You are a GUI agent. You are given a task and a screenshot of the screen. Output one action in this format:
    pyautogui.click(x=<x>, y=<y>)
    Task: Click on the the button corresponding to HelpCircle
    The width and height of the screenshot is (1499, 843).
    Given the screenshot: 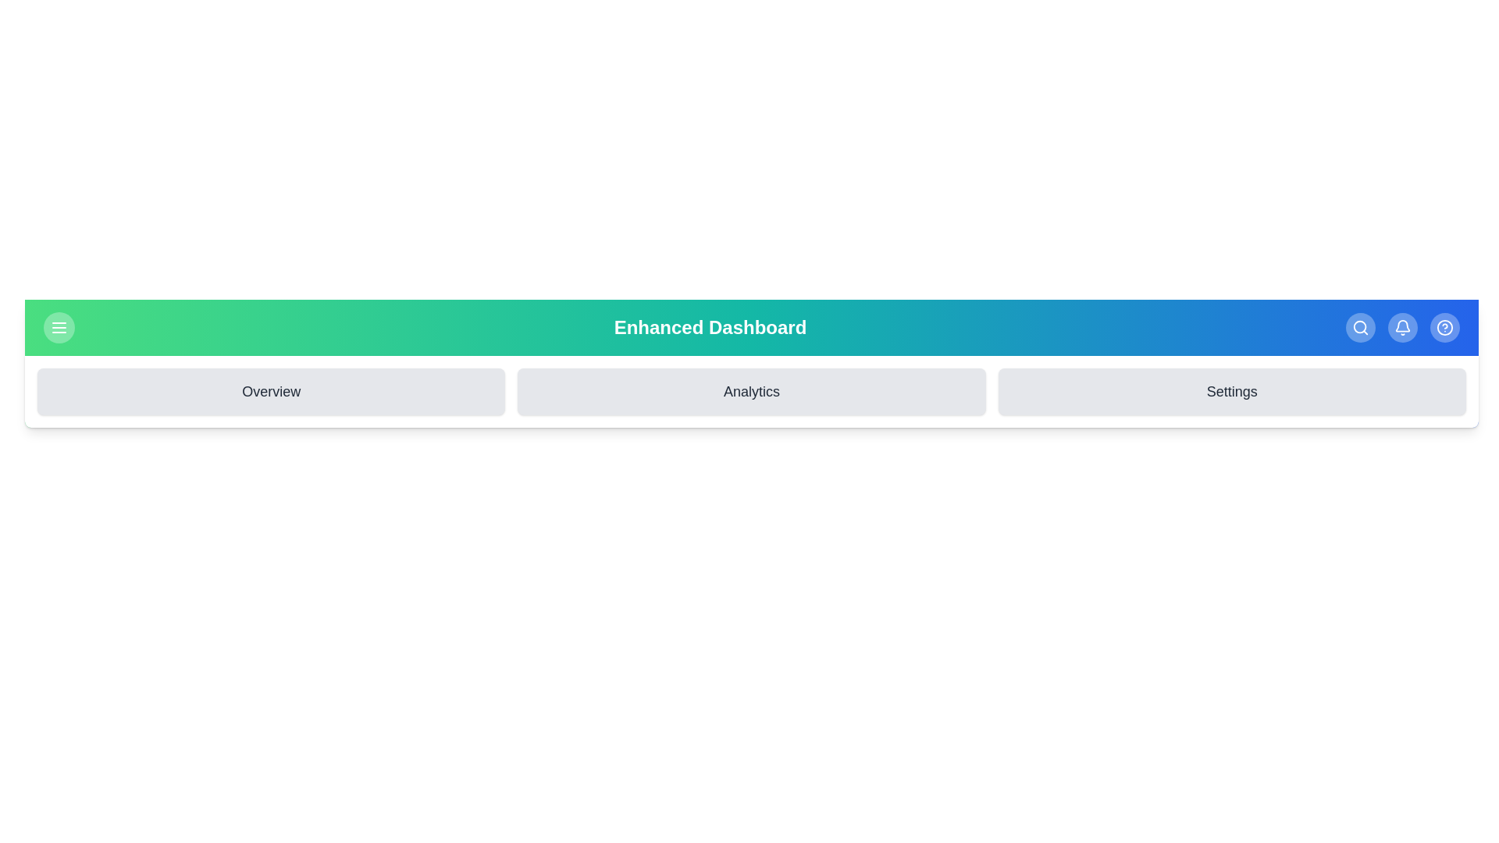 What is the action you would take?
    pyautogui.click(x=1444, y=327)
    